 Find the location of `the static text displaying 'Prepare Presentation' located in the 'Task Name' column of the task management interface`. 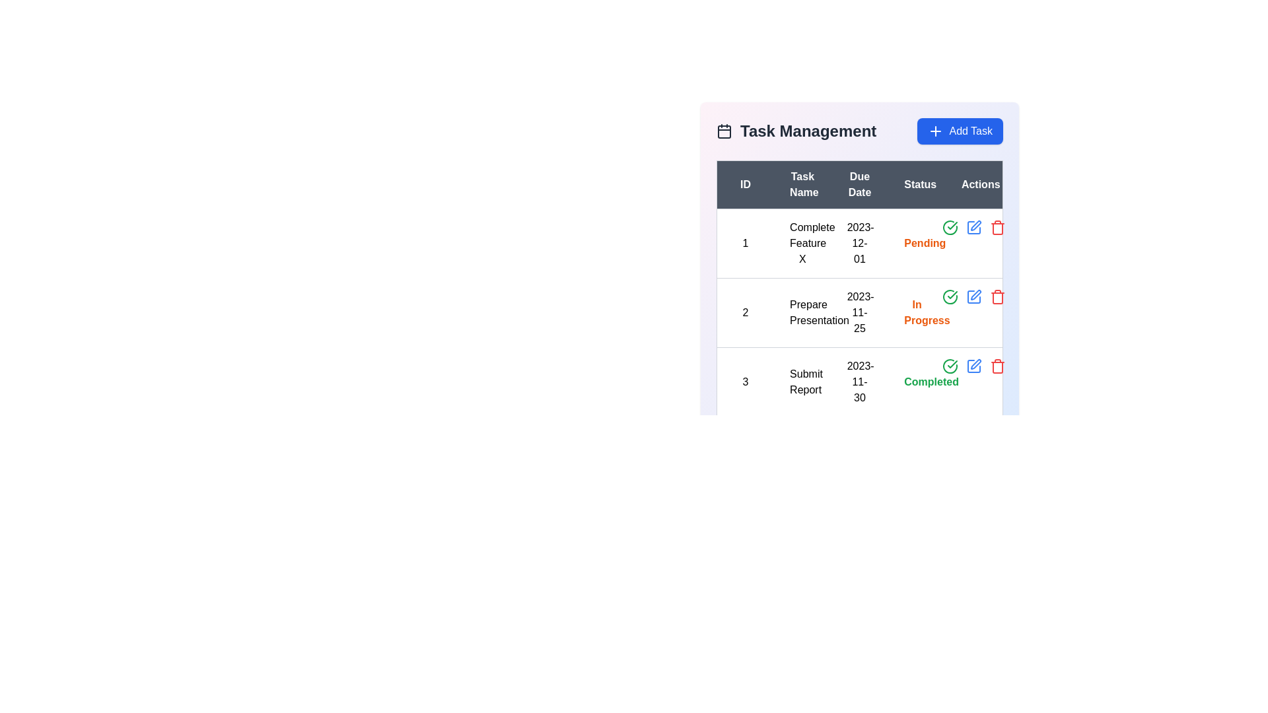

the static text displaying 'Prepare Presentation' located in the 'Task Name' column of the task management interface is located at coordinates (802, 313).